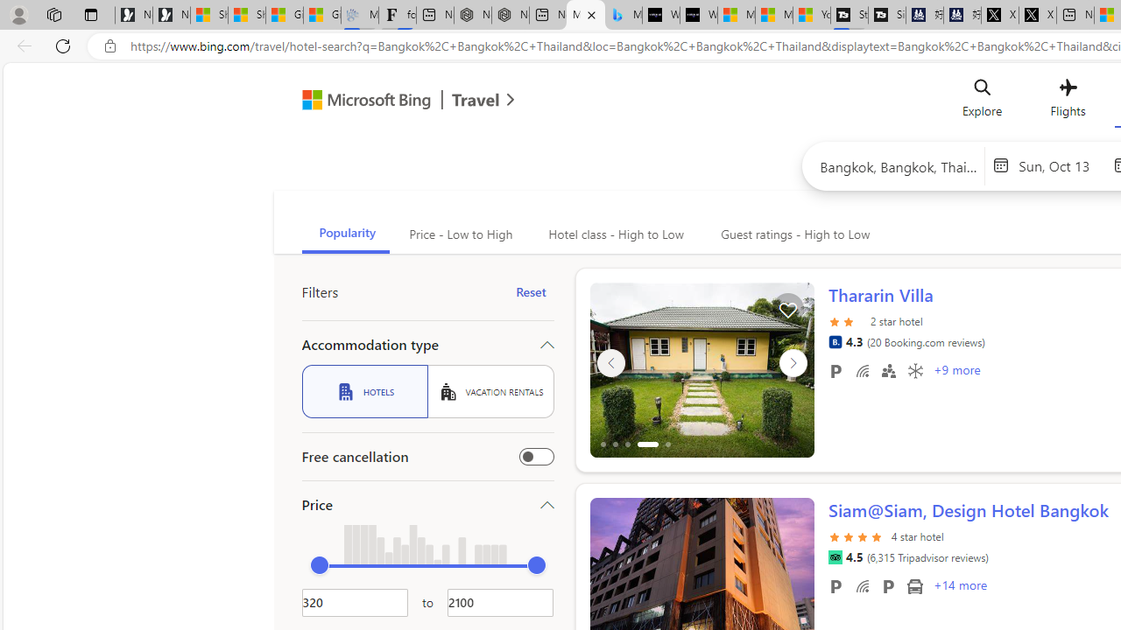 This screenshot has width=1121, height=630. I want to click on 'X', so click(1037, 15).